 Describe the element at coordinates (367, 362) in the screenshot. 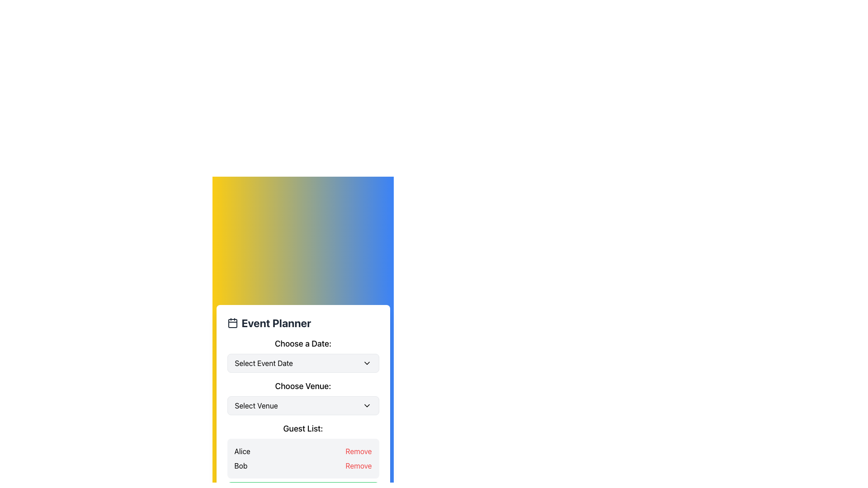

I see `the downward-pointing chevron icon located on the right side of the 'Select Event Date' box` at that location.